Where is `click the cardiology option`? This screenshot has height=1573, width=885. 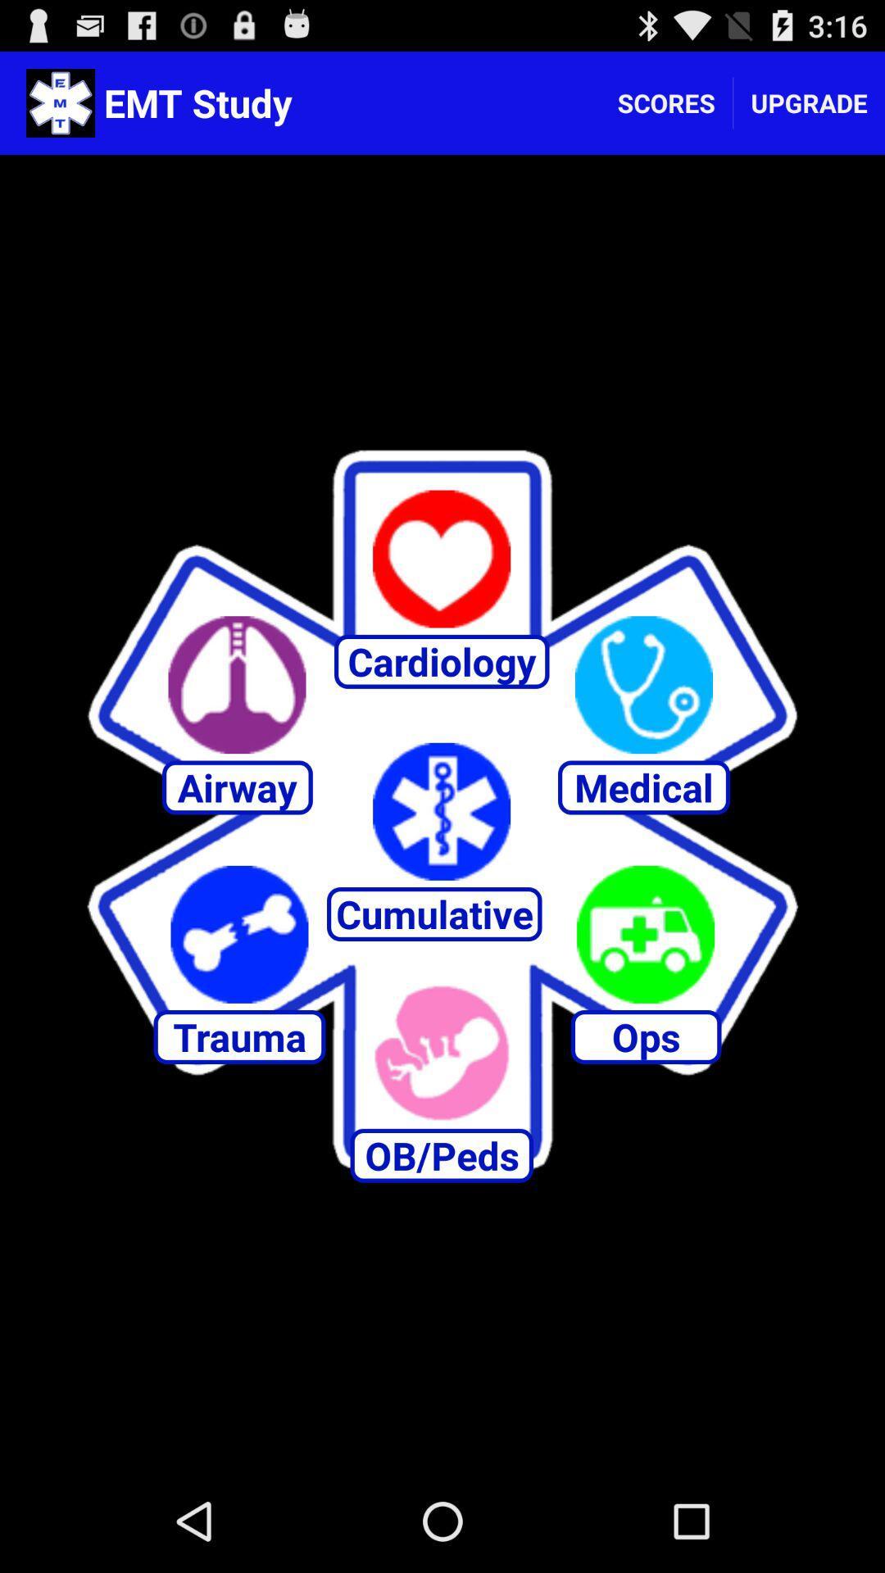 click the cardiology option is located at coordinates (441, 559).